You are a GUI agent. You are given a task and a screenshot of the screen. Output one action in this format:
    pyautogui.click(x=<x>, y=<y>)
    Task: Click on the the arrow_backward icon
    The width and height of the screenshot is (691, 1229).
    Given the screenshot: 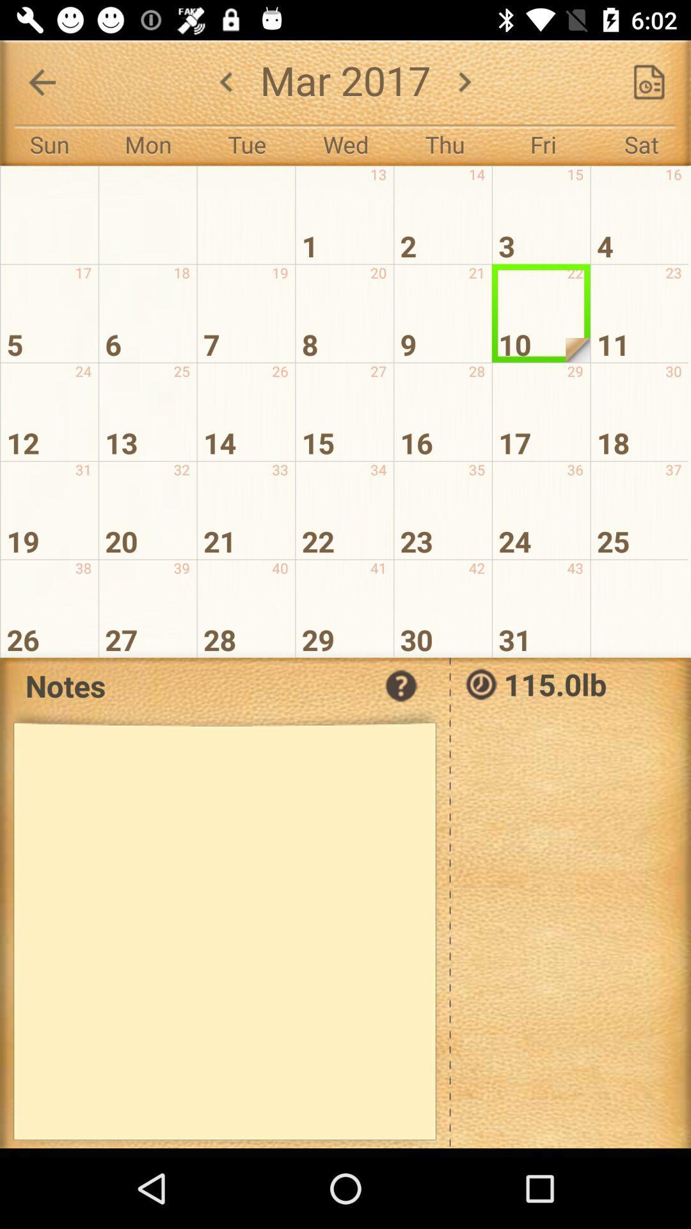 What is the action you would take?
    pyautogui.click(x=226, y=81)
    